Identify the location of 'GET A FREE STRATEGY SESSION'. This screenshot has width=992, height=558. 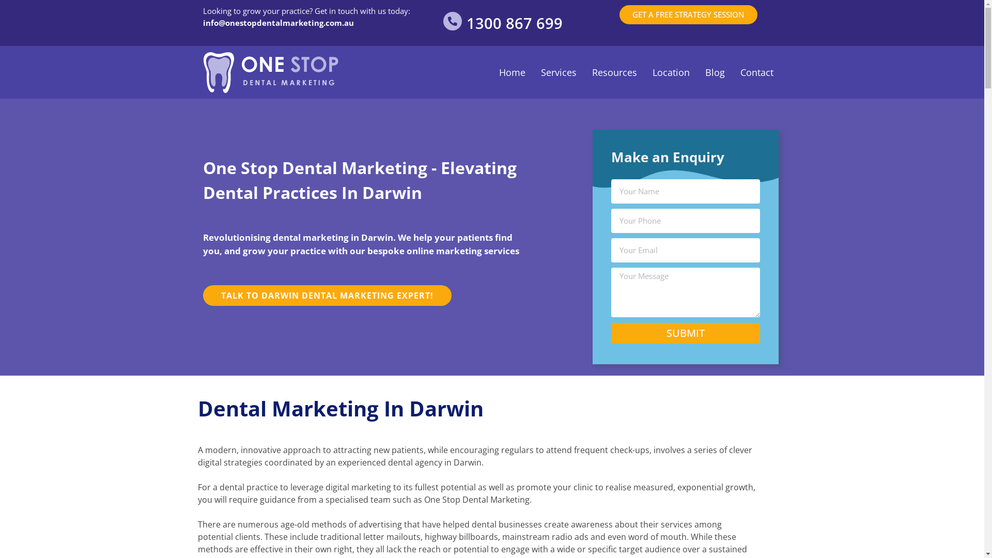
(688, 14).